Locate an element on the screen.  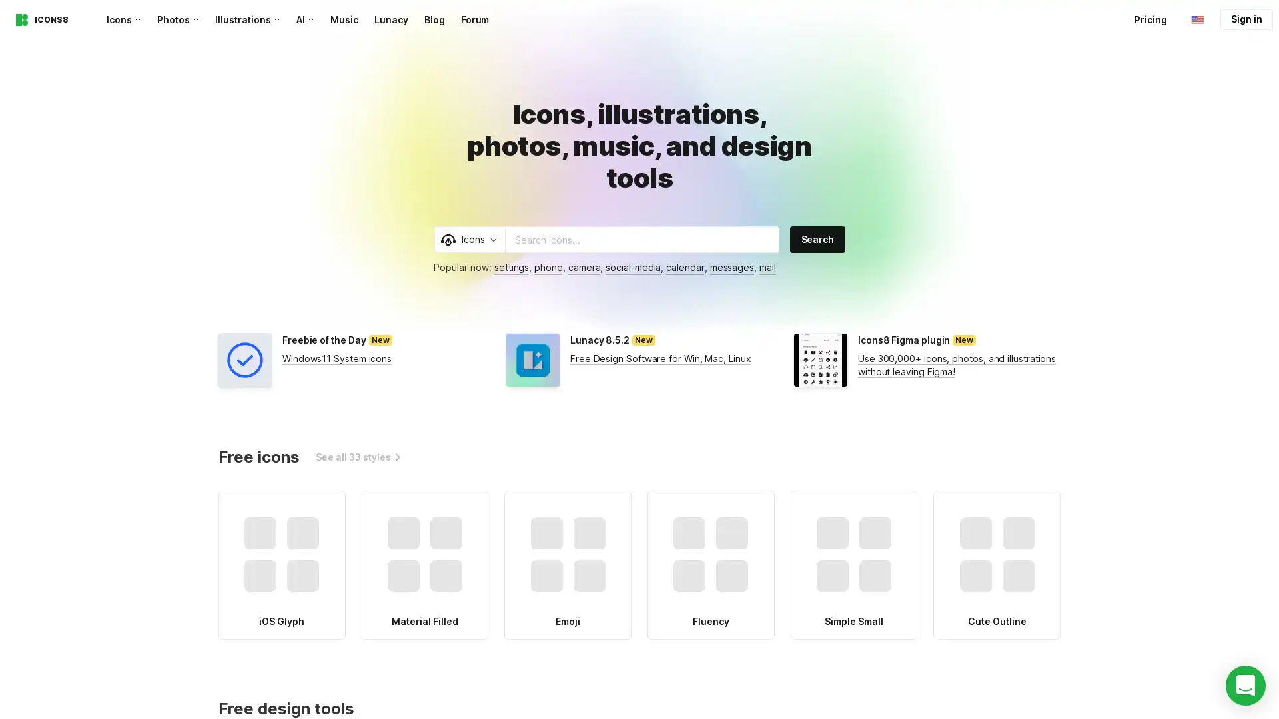
Search is located at coordinates (817, 238).